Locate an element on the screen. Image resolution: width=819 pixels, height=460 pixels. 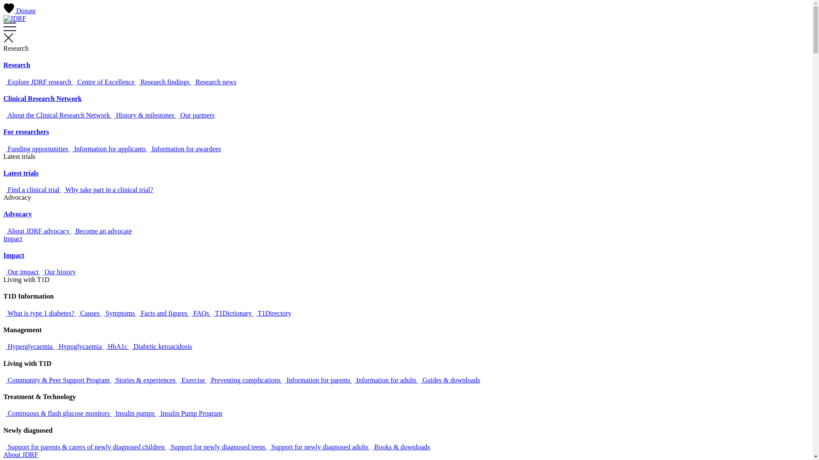
'Impact' is located at coordinates (12, 239).